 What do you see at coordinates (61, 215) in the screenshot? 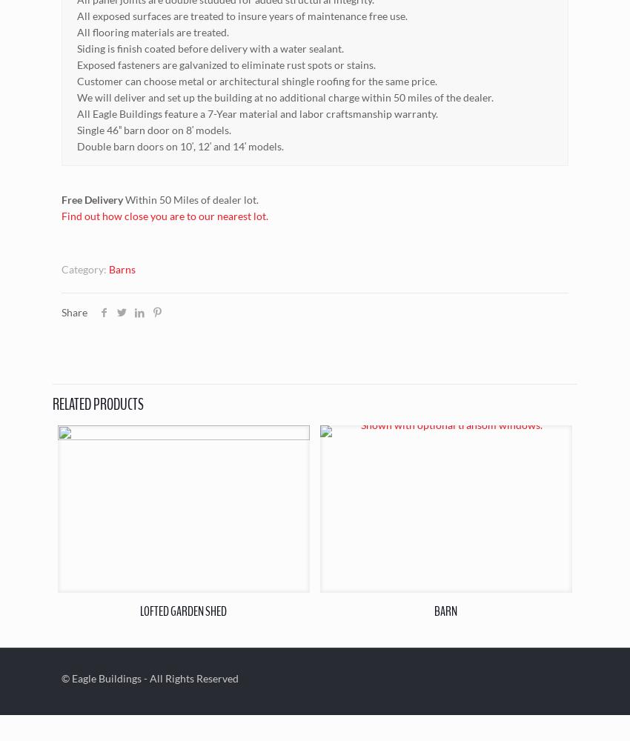
I see `'Find out how close you are to our nearest lot.'` at bounding box center [61, 215].